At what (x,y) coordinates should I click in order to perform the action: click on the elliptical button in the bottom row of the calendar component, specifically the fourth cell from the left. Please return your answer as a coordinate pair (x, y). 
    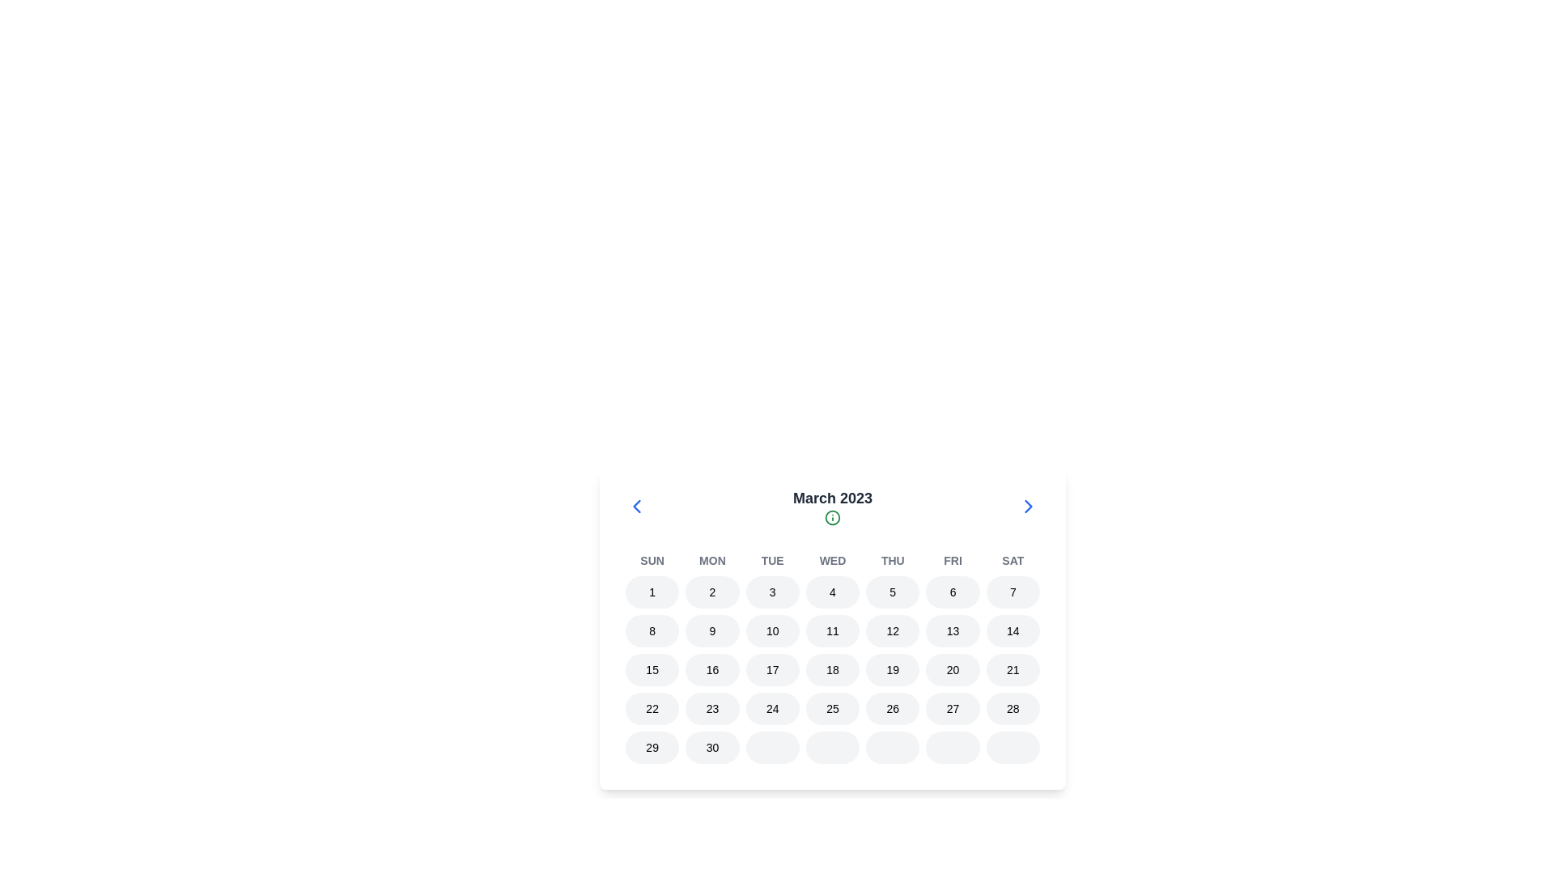
    Looking at the image, I should click on (832, 748).